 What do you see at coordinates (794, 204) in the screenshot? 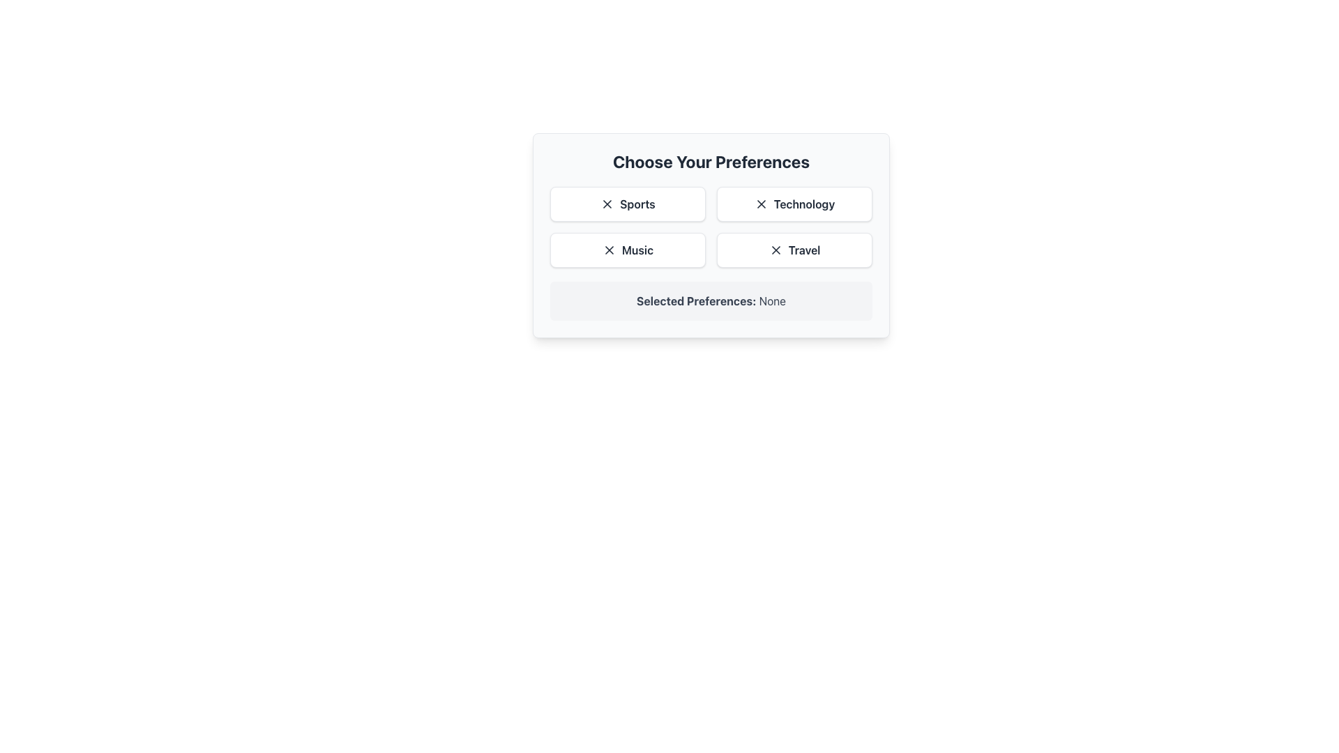
I see `the 'Technology' preference button located in the first row, second position of a 2x2 grid layout` at bounding box center [794, 204].